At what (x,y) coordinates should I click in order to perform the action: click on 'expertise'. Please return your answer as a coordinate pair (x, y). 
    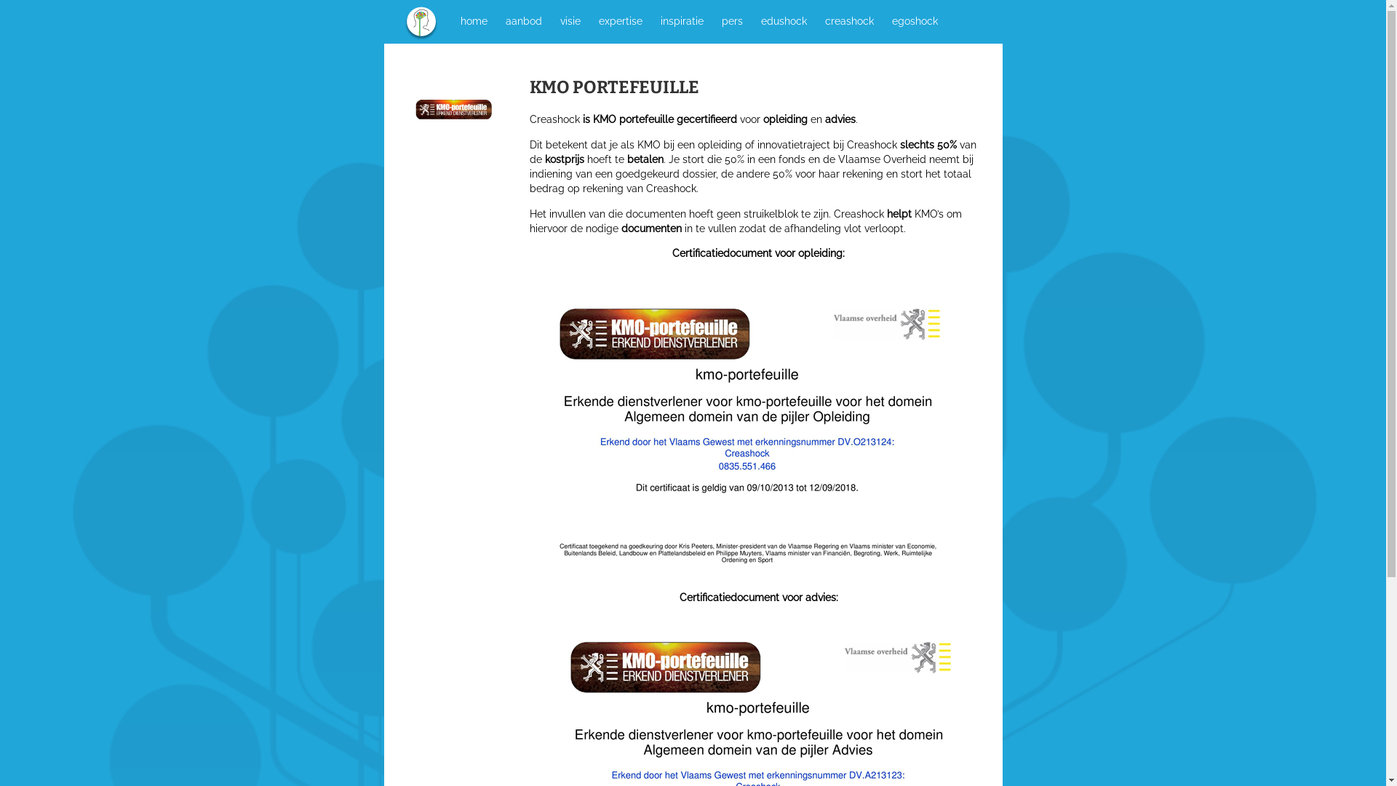
    Looking at the image, I should click on (621, 20).